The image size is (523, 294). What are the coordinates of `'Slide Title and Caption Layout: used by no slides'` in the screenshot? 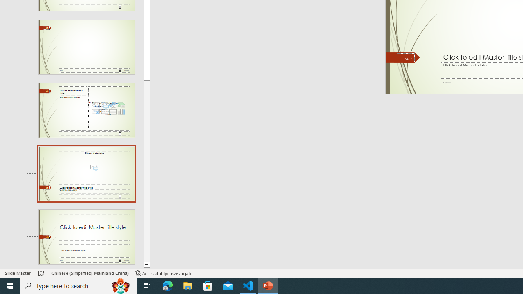 It's located at (87, 237).